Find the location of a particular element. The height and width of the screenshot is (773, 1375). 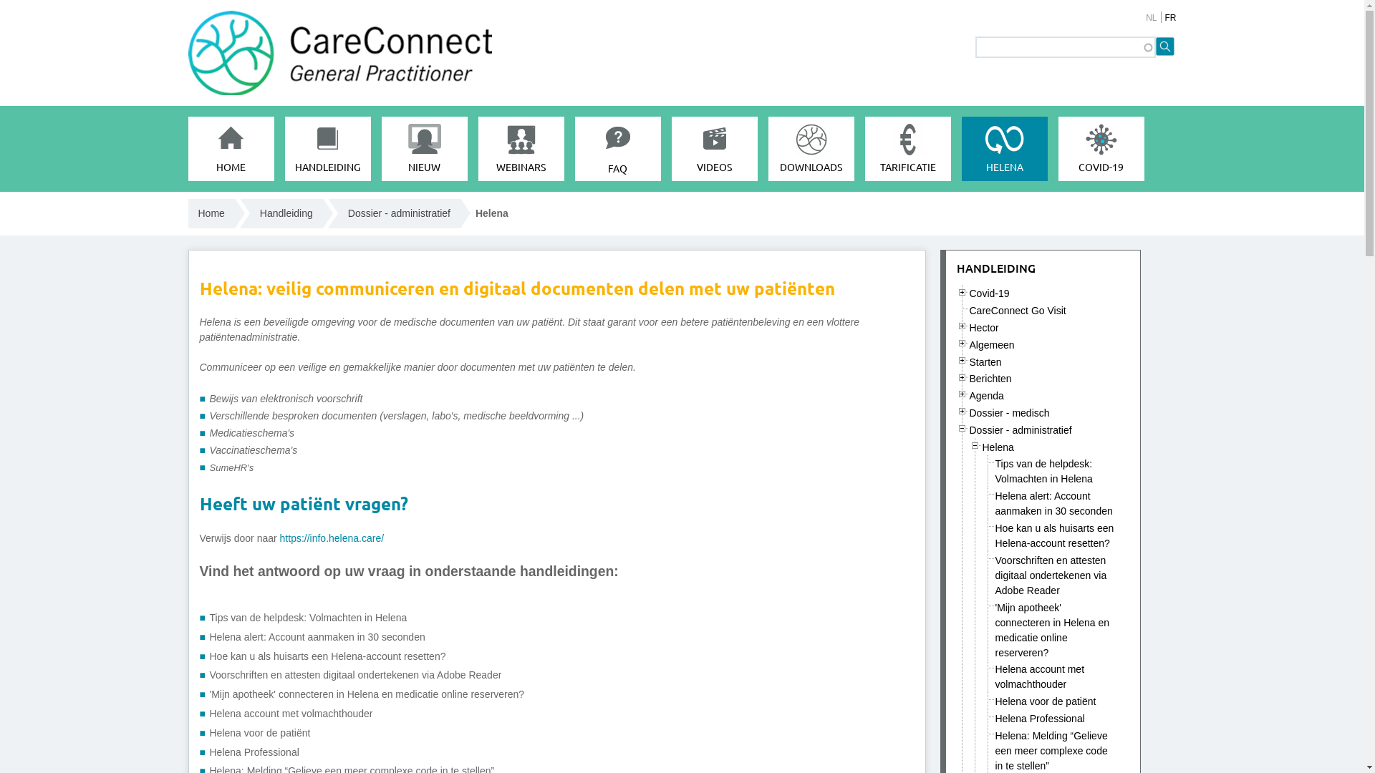

' ' is located at coordinates (962, 376).